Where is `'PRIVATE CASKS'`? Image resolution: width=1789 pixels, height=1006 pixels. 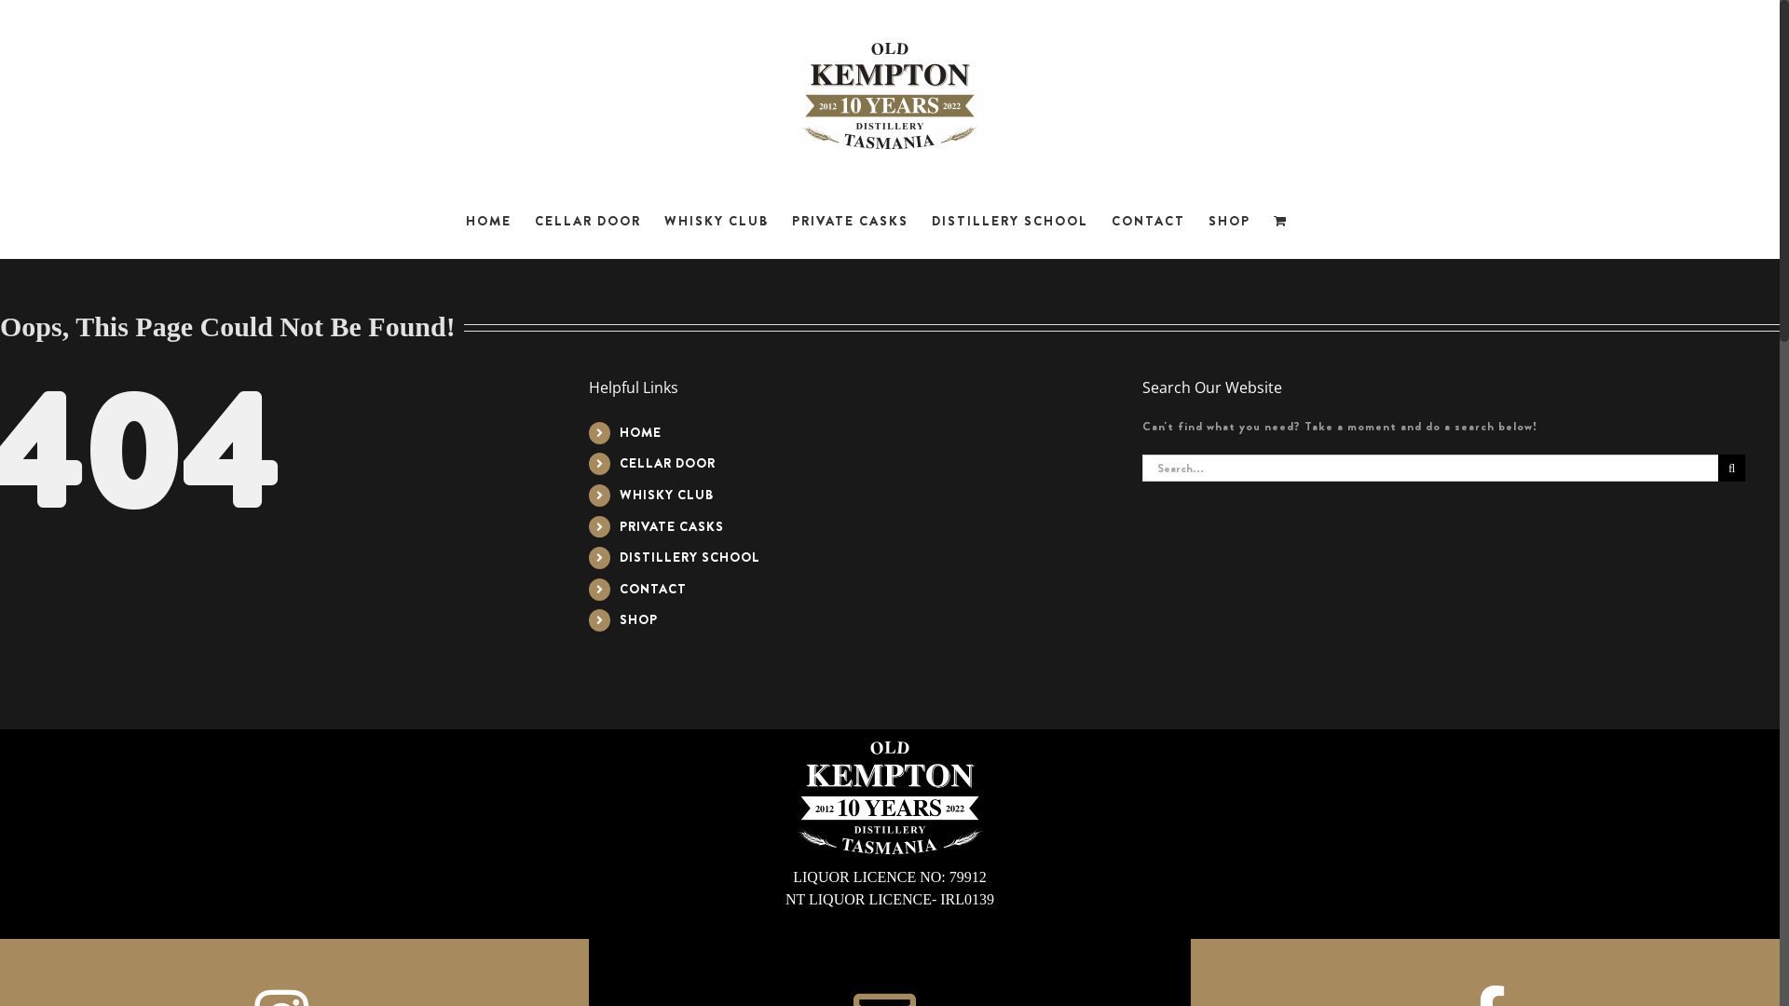 'PRIVATE CASKS' is located at coordinates (671, 525).